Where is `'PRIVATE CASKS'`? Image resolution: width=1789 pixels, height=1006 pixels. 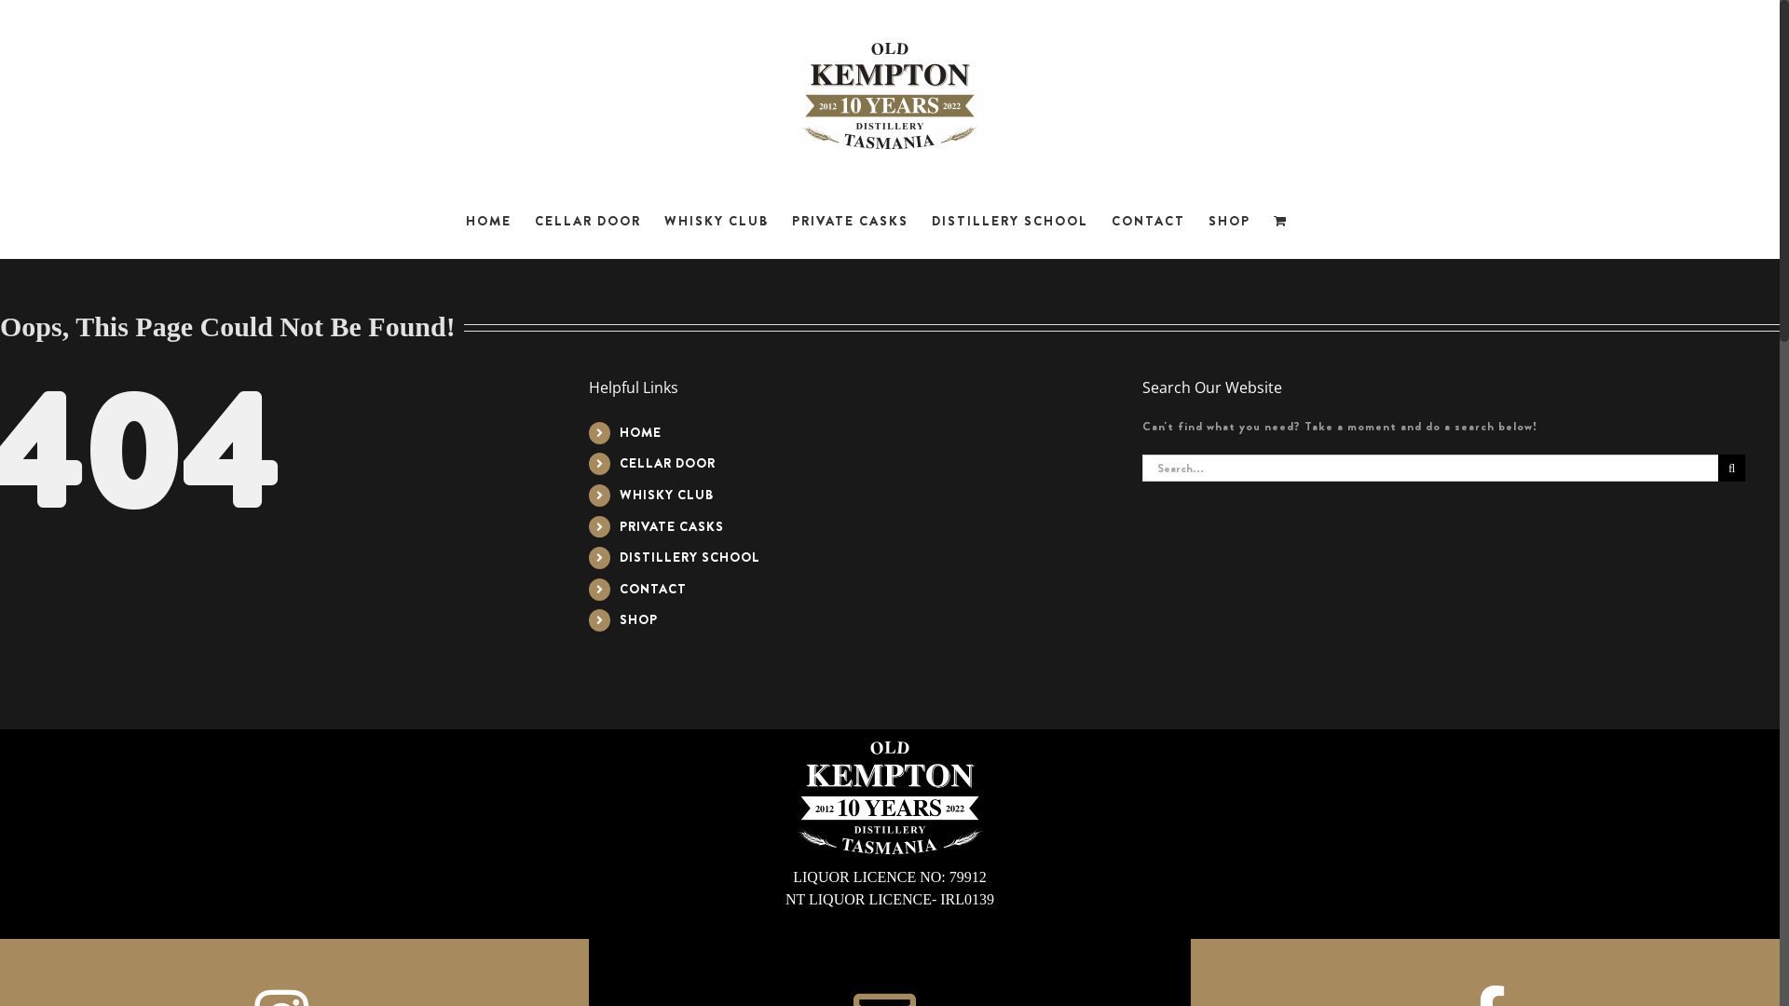 'PRIVATE CASKS' is located at coordinates (671, 525).